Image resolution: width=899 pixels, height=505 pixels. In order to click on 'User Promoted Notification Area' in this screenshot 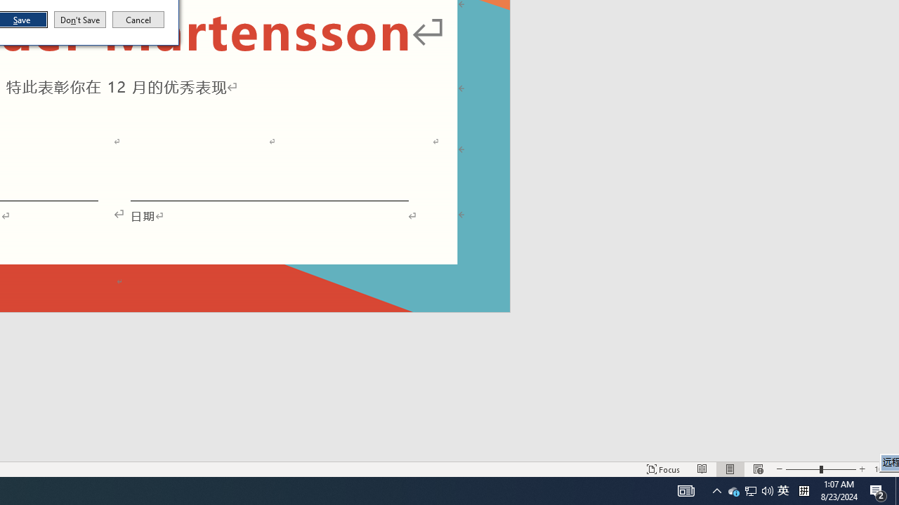, I will do `click(782, 490)`.